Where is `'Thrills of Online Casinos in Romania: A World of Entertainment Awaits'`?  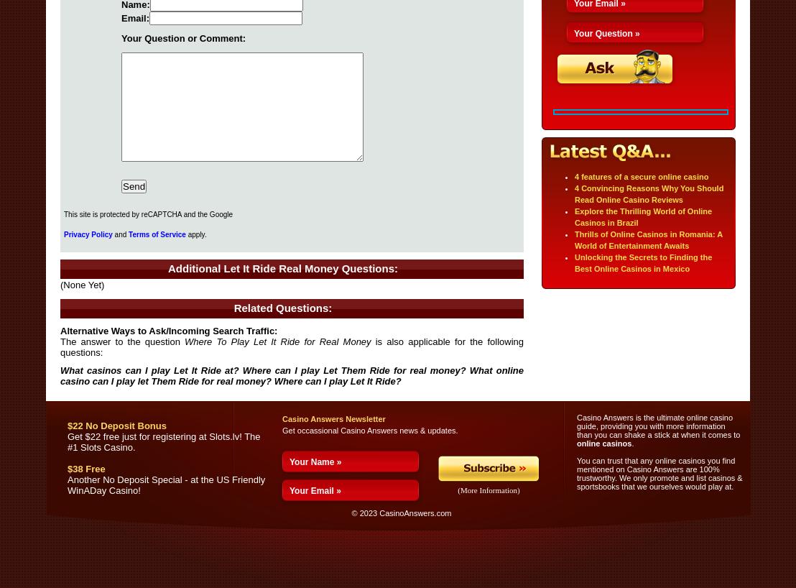
'Thrills of Online Casinos in Romania: A World of Entertainment Awaits' is located at coordinates (647, 239).